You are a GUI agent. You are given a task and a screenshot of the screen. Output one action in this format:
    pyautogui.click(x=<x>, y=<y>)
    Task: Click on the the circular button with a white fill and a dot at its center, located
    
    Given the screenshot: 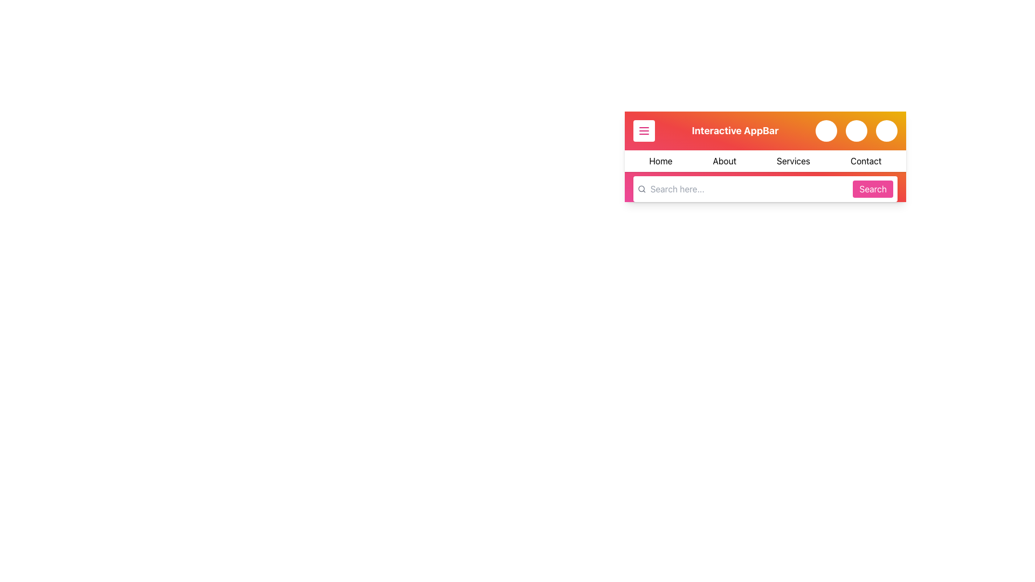 What is the action you would take?
    pyautogui.click(x=825, y=130)
    